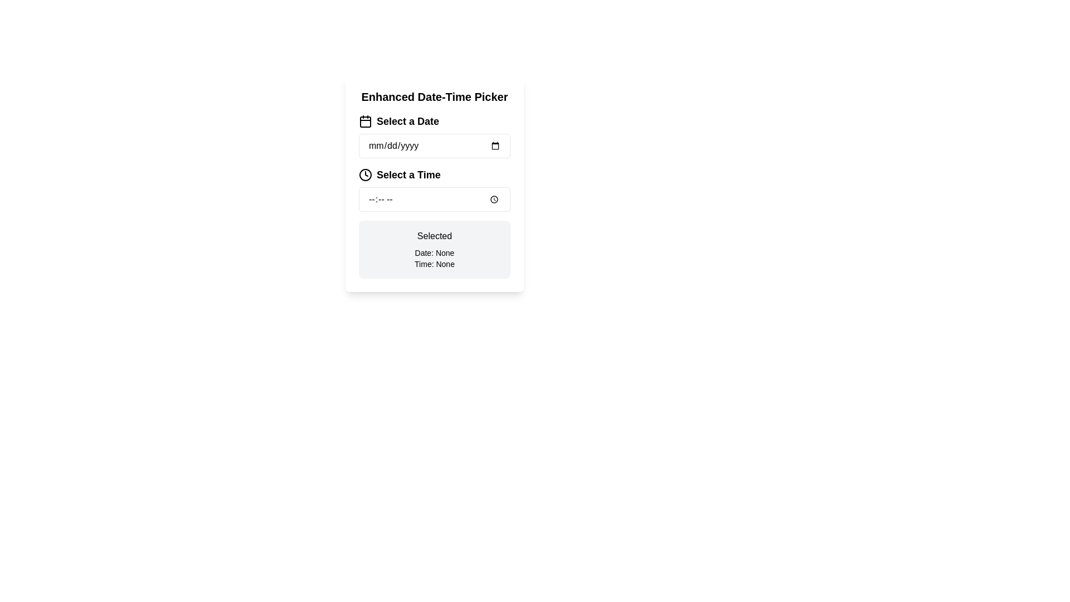 Image resolution: width=1070 pixels, height=602 pixels. What do you see at coordinates (366, 122) in the screenshot?
I see `the calendar icon located within the 'Select a Date' section, which is positioned to the far left of the label and aligned vertically with the text` at bounding box center [366, 122].